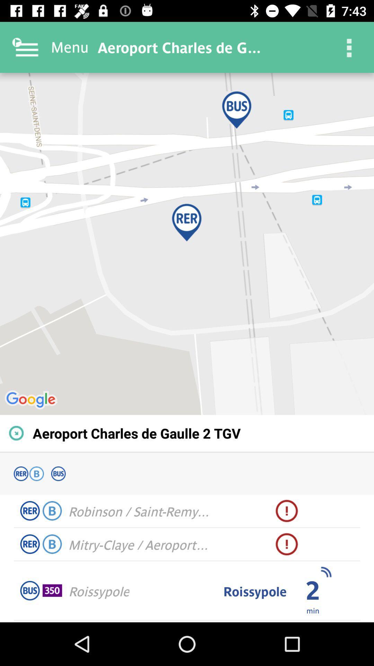 The height and width of the screenshot is (666, 374). I want to click on the icon below the 2, so click(313, 610).